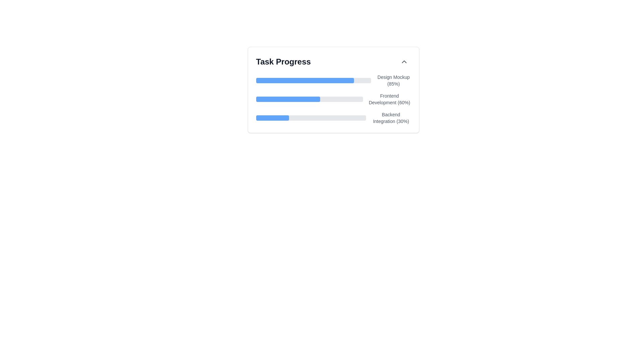  What do you see at coordinates (333, 99) in the screenshot?
I see `the progress bar labeled 'Frontend Development' which shows 60% completion, located between 'Design Mockup (85%)' and 'Backend Integration (30%)'` at bounding box center [333, 99].